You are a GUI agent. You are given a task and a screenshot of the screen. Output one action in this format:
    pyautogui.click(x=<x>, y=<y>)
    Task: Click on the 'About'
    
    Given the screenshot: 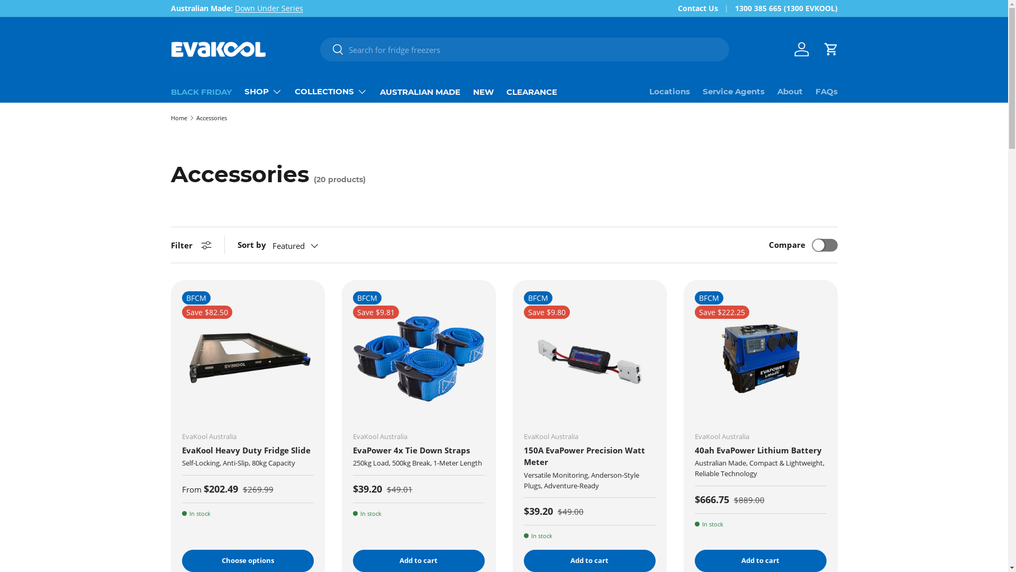 What is the action you would take?
    pyautogui.click(x=777, y=91)
    